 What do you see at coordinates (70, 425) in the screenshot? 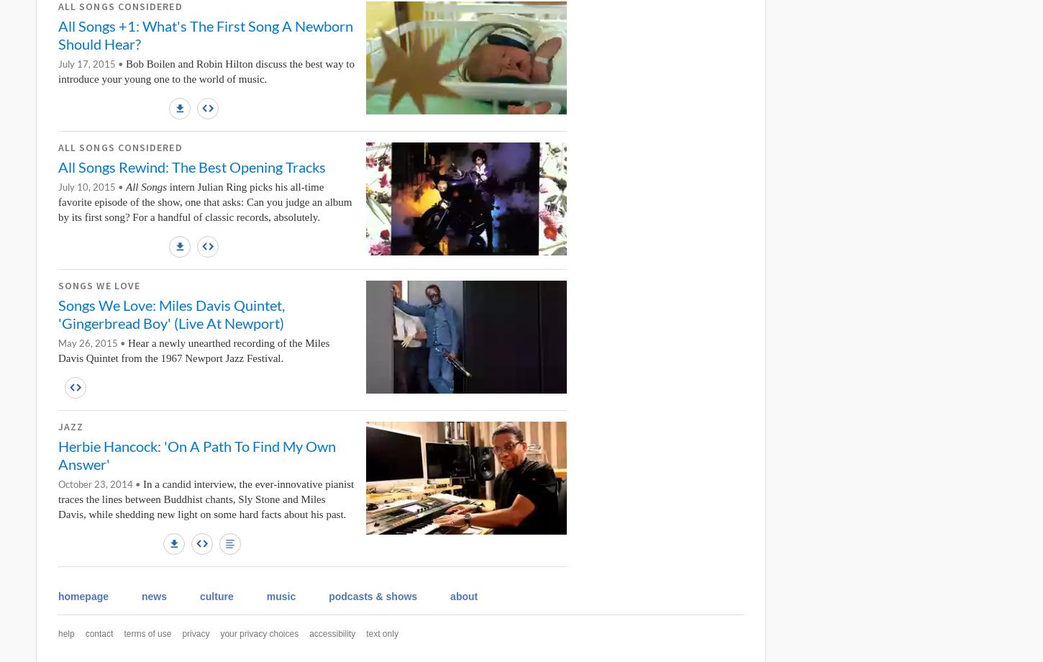
I see `'Jazz'` at bounding box center [70, 425].